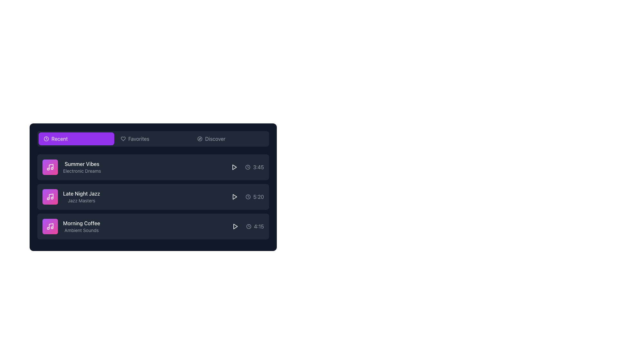 This screenshot has height=348, width=618. I want to click on the music icon associated with the 'Summer Vibes' list item, located in the first row under the 'Recent' tab, so click(50, 167).